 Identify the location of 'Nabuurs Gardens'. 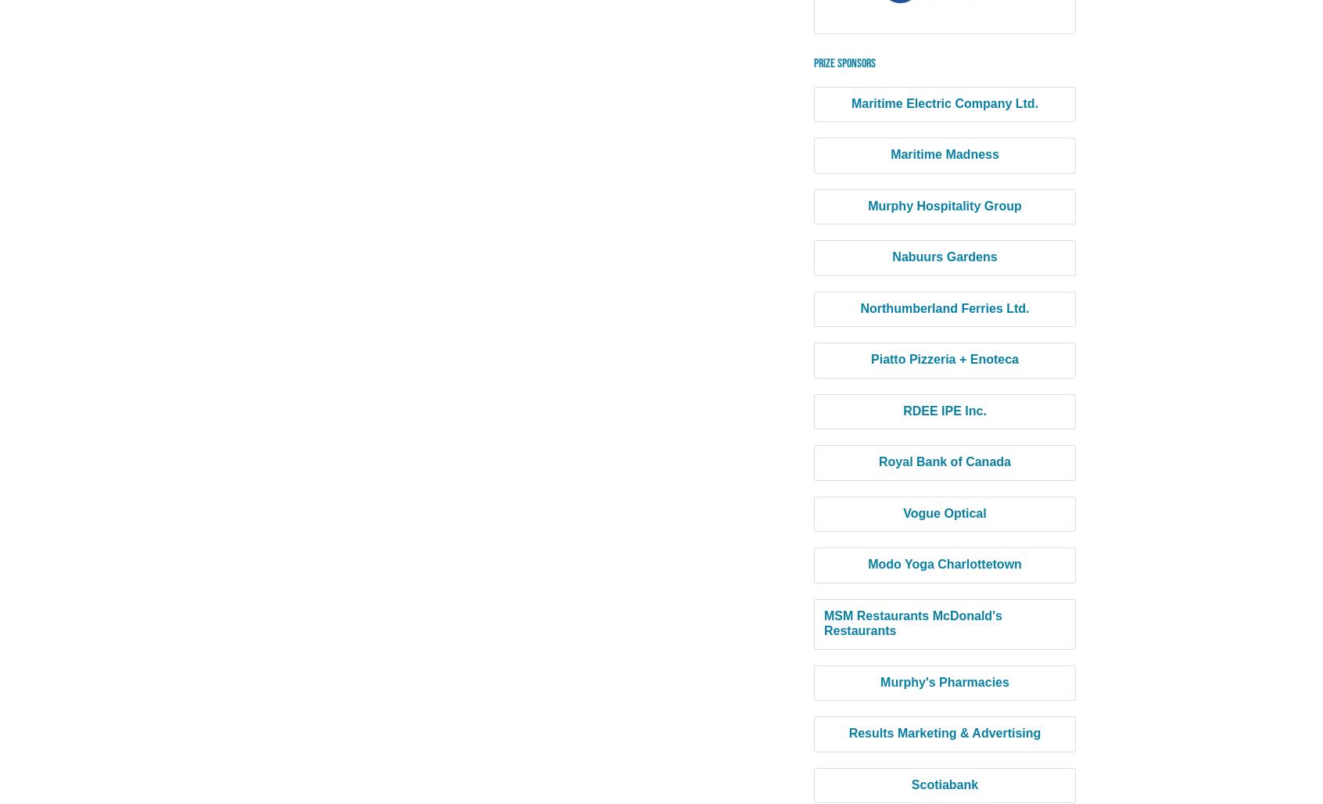
(944, 256).